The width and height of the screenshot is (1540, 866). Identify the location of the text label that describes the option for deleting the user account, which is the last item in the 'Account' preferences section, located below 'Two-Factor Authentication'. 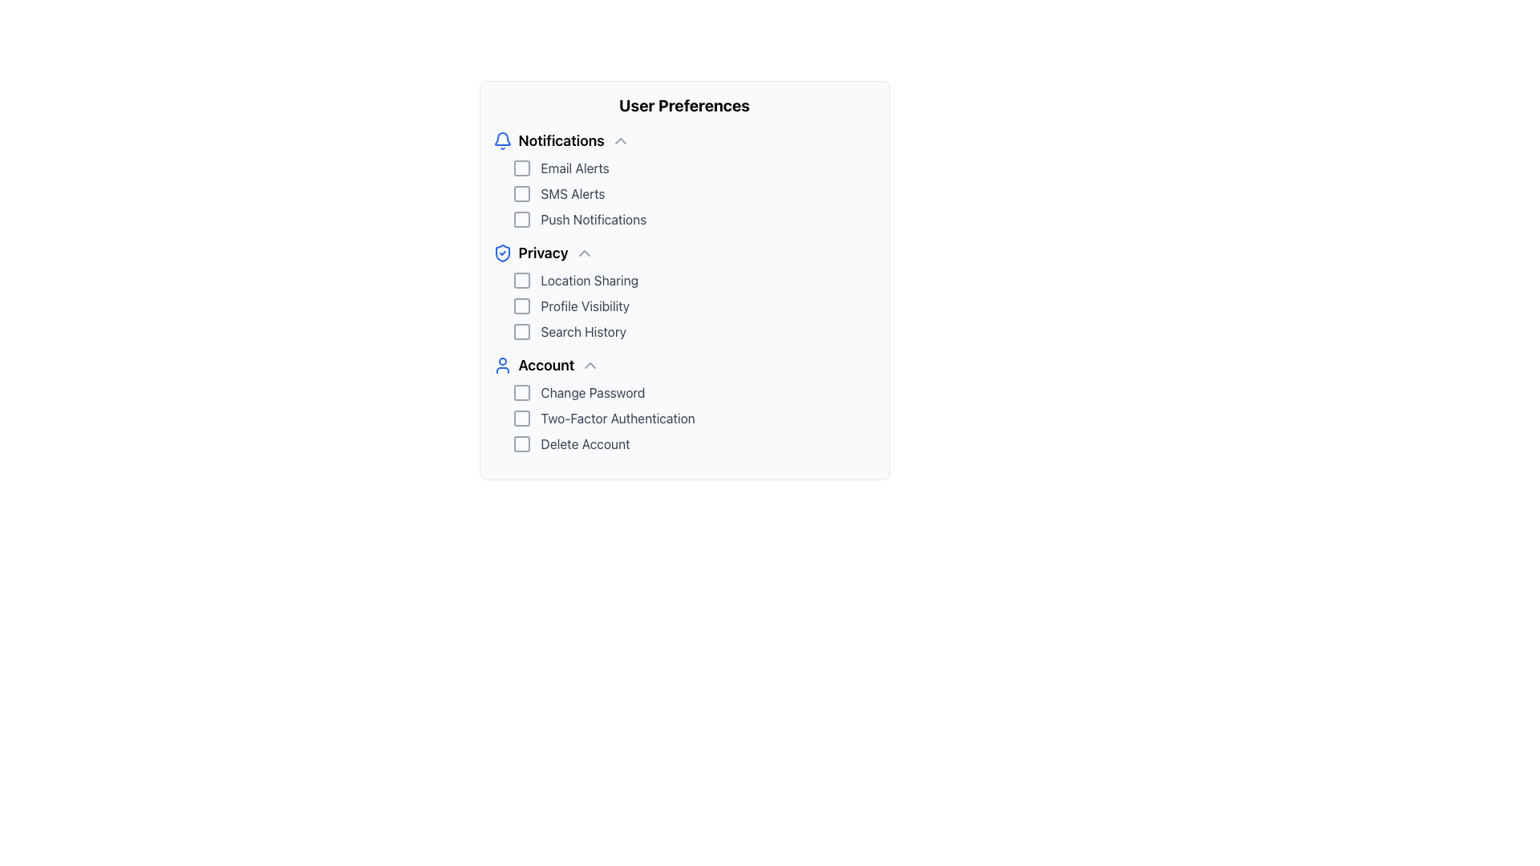
(584, 444).